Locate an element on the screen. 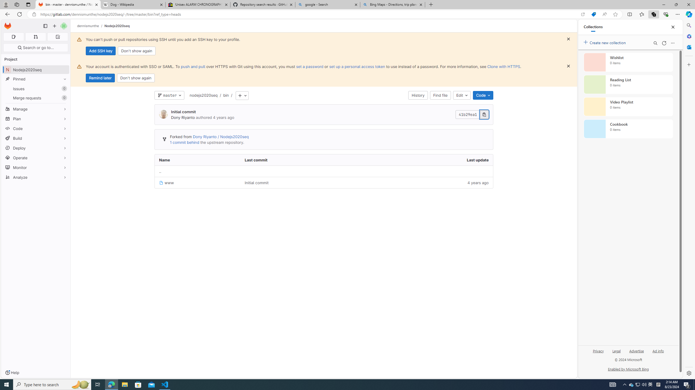  'Dony Riyanto' is located at coordinates (163, 114).